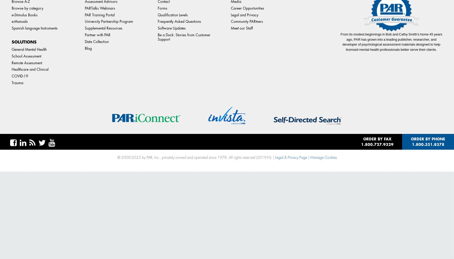  What do you see at coordinates (291, 157) in the screenshot?
I see `'Legal & Privacy Page'` at bounding box center [291, 157].